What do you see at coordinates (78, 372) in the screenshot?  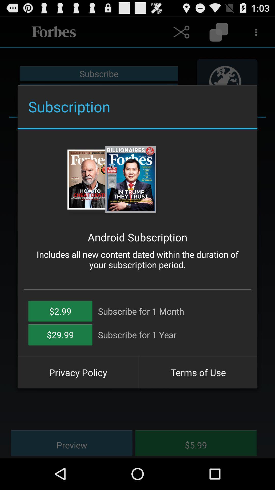 I see `button to the left of the terms of use icon` at bounding box center [78, 372].